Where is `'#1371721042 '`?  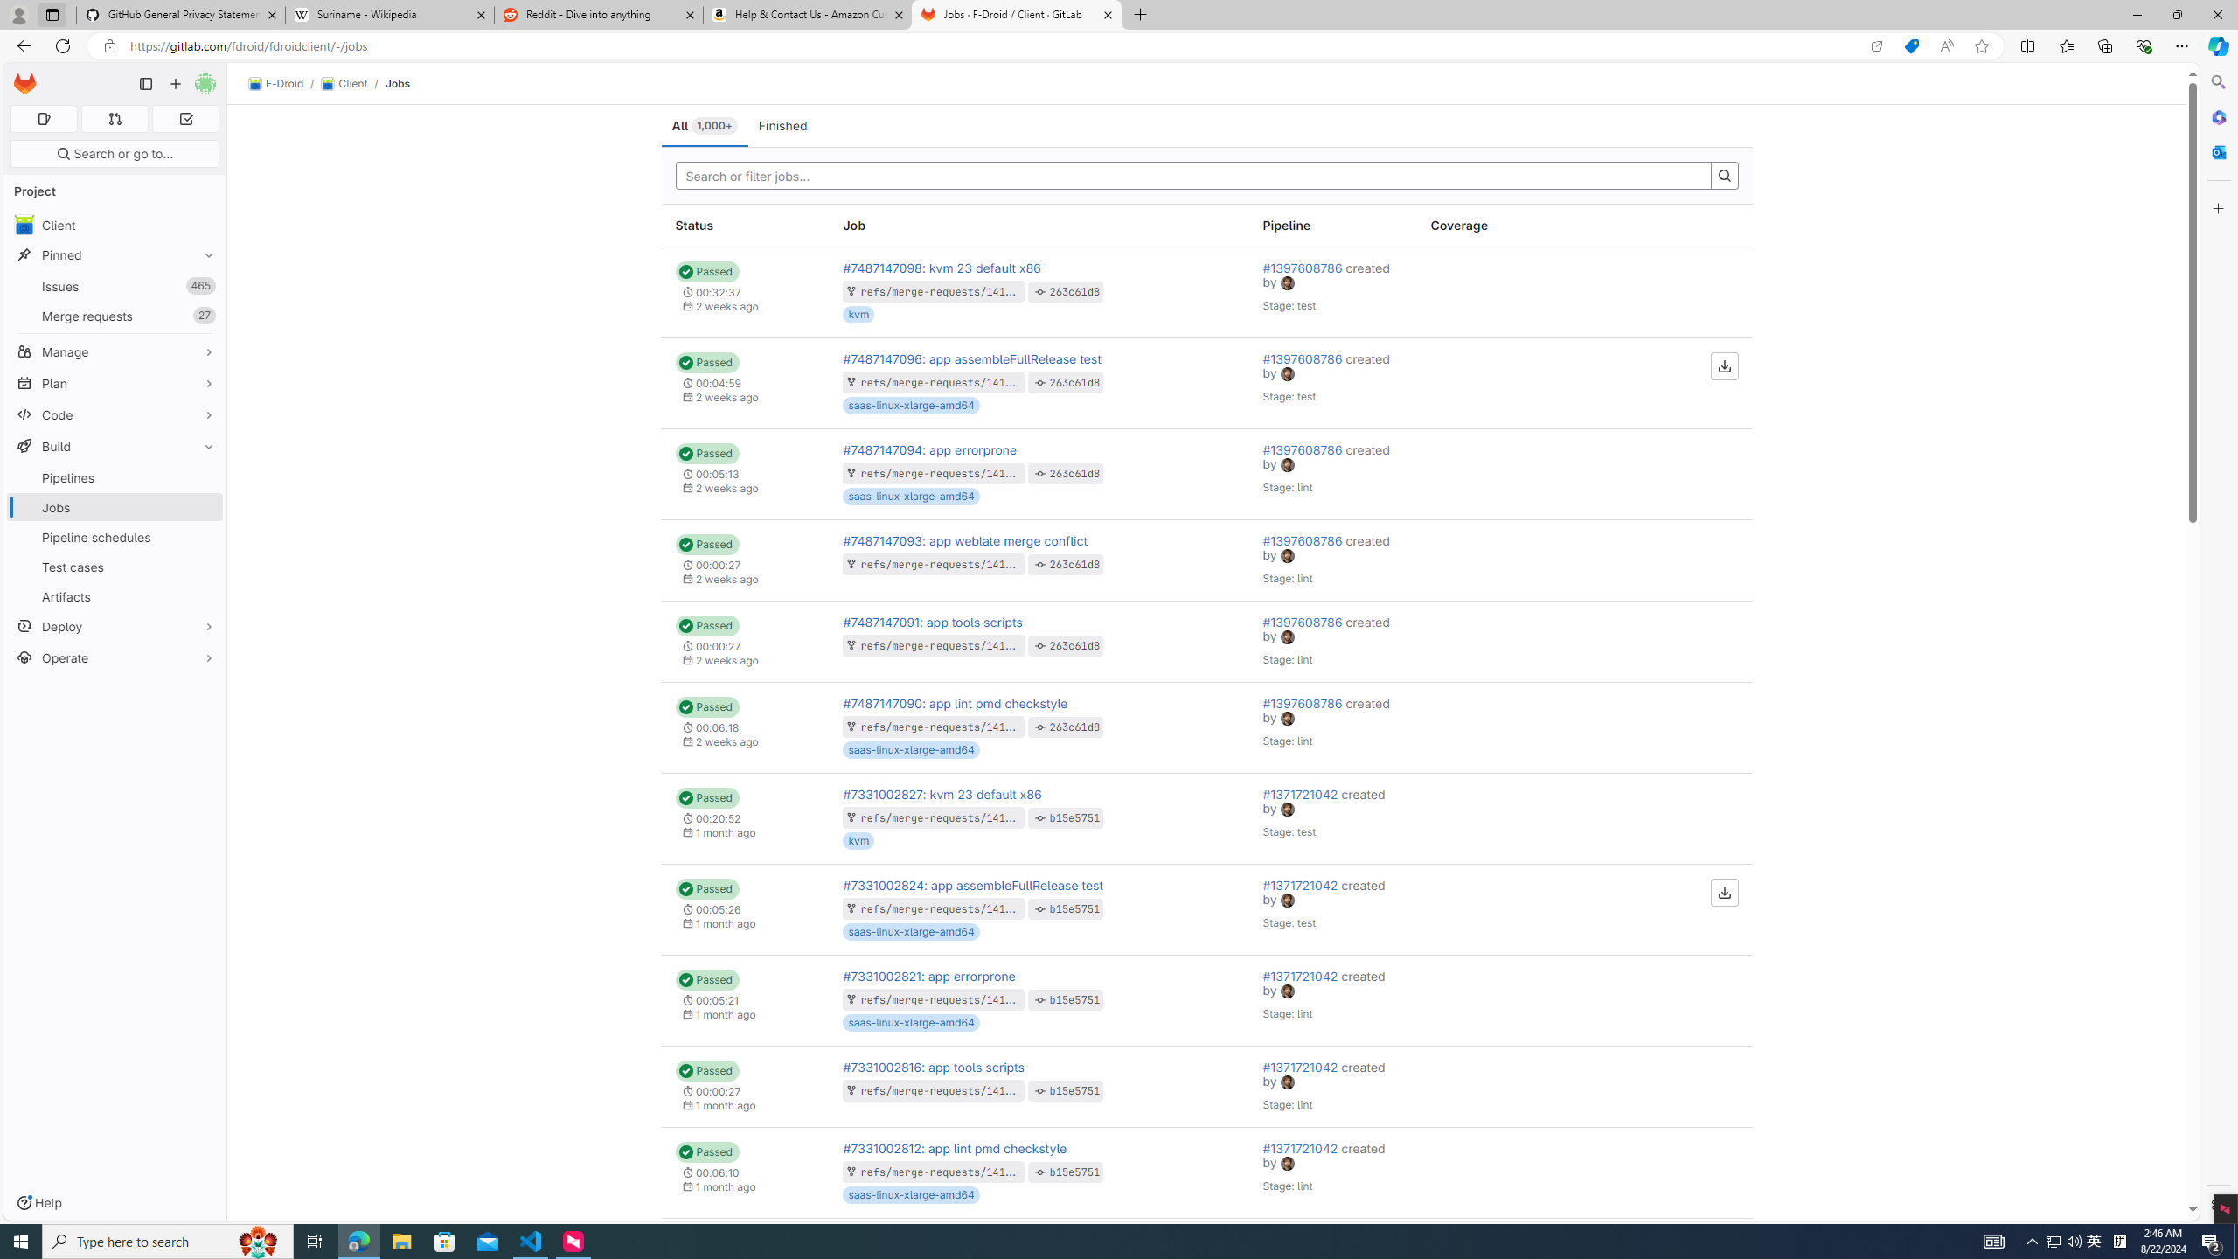 '#1371721042 ' is located at coordinates (1301, 1148).